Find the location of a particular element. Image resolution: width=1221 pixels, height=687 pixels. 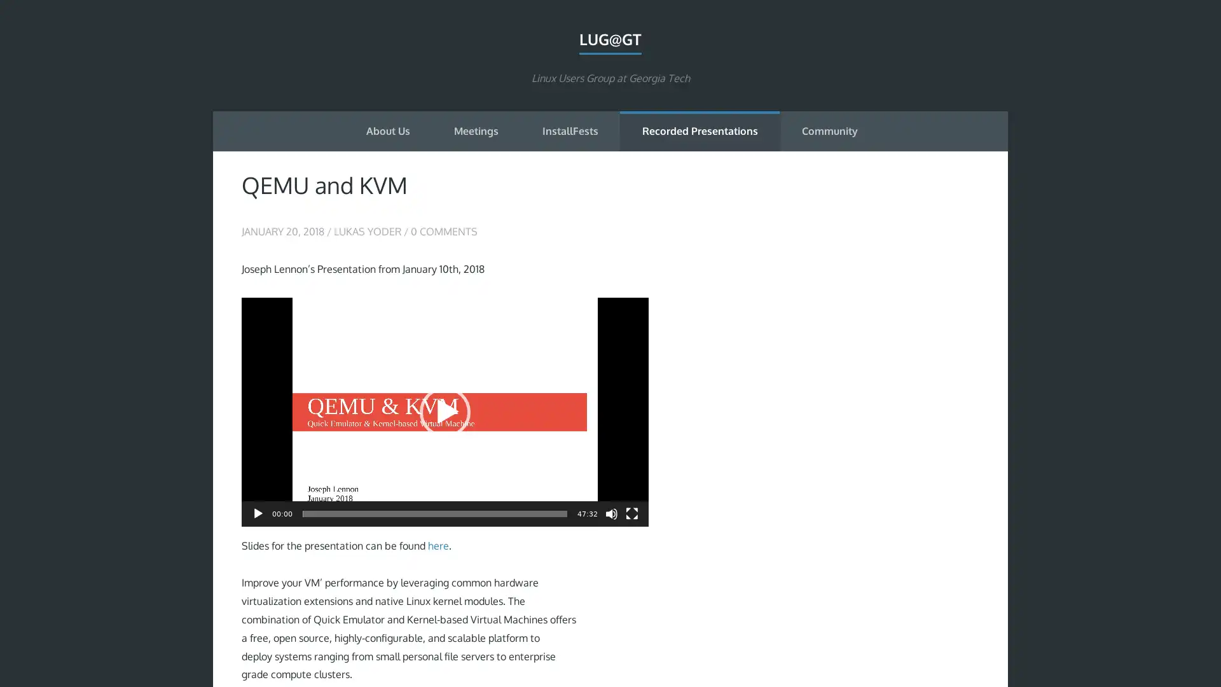

Fullscreen is located at coordinates (631, 512).